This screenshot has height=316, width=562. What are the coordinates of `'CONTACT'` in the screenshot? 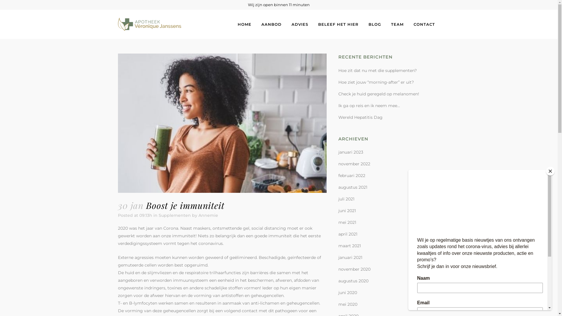 It's located at (424, 24).